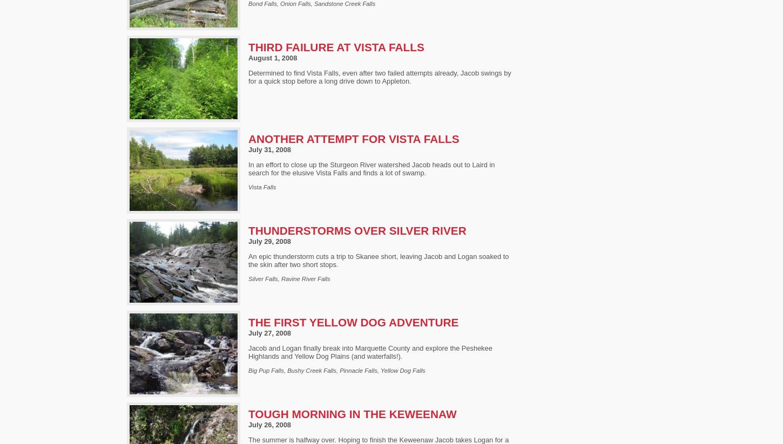 The image size is (783, 444). Describe the element at coordinates (353, 138) in the screenshot. I see `'Another Attempt for Vista Falls'` at that location.